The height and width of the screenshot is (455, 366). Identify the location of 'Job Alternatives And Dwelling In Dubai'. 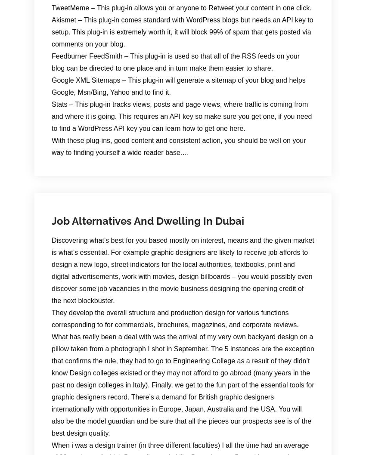
(51, 220).